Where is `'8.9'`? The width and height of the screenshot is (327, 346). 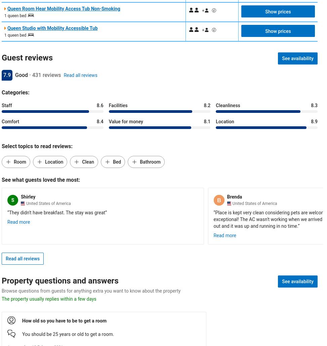 '8.9' is located at coordinates (311, 122).